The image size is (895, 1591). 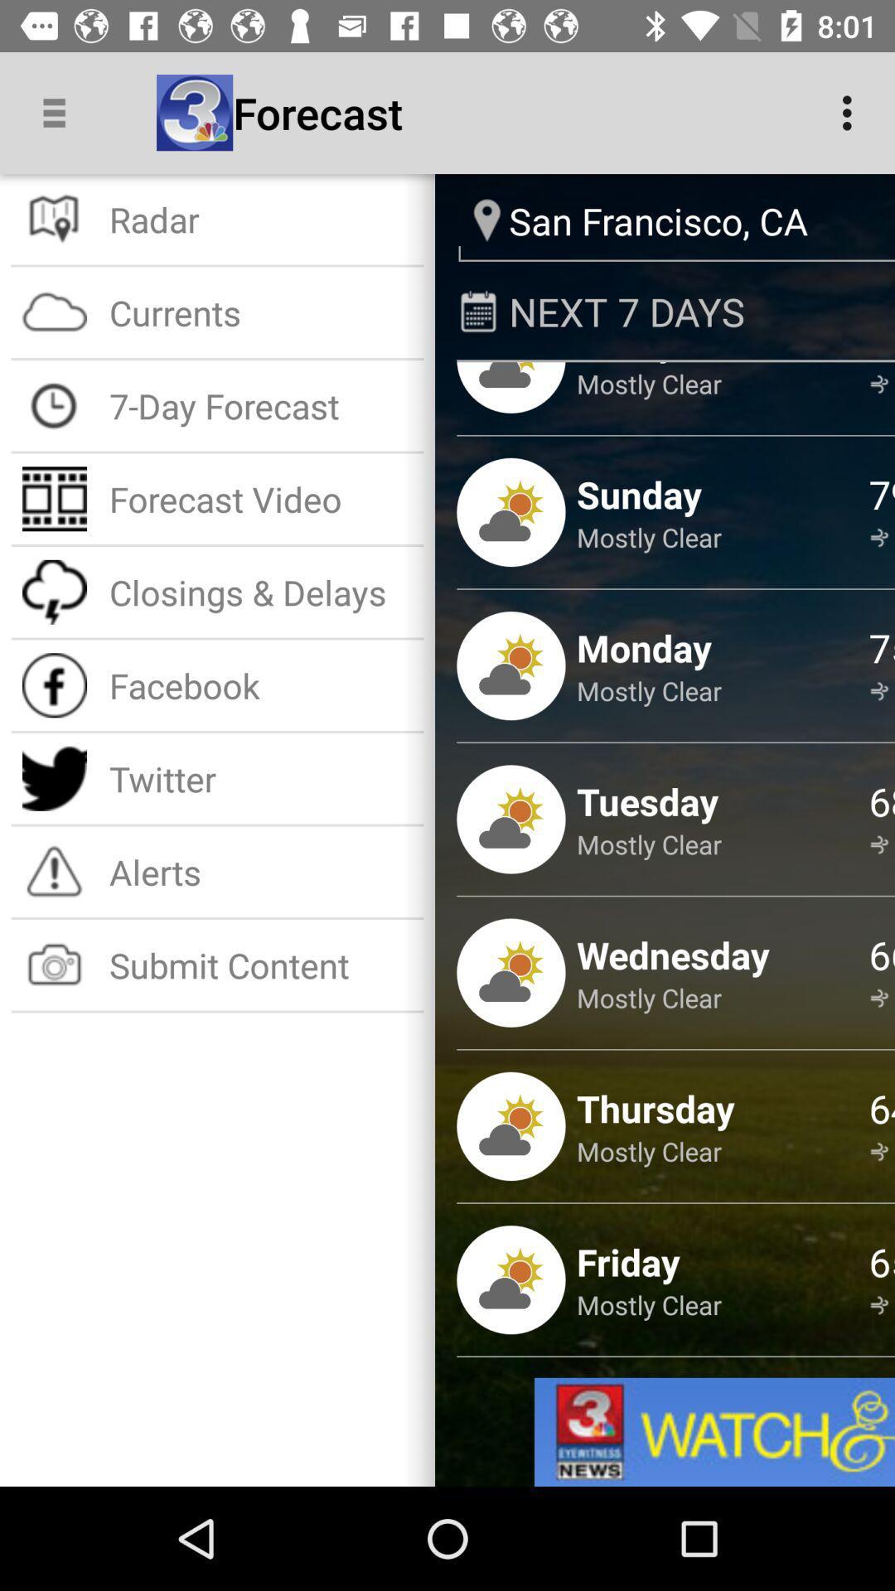 I want to click on advertisement, so click(x=714, y=1431).